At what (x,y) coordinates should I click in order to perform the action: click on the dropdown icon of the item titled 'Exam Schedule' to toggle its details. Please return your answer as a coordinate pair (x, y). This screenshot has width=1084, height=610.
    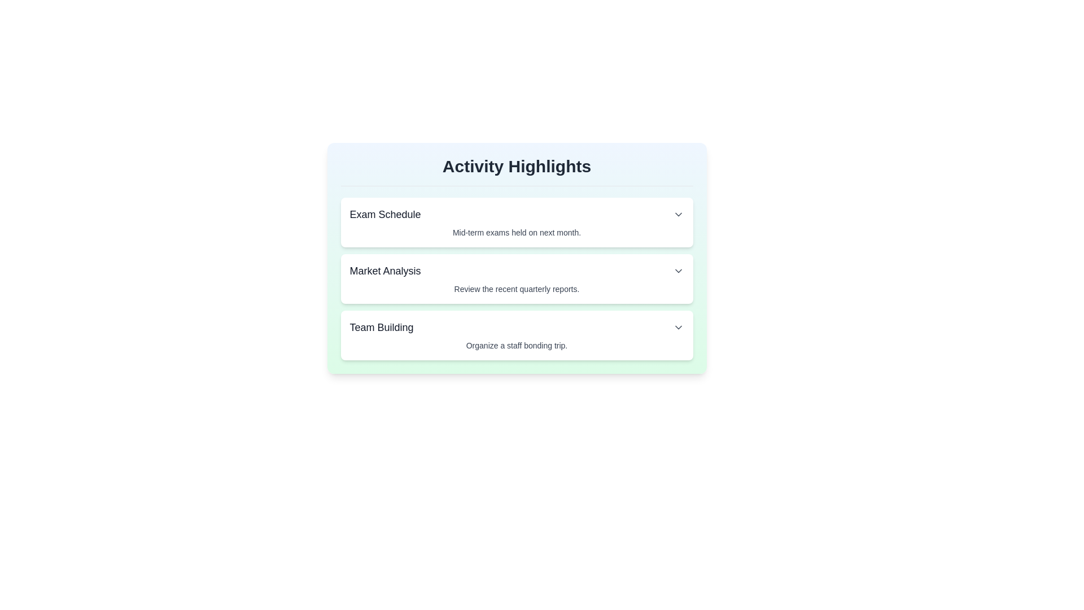
    Looking at the image, I should click on (677, 215).